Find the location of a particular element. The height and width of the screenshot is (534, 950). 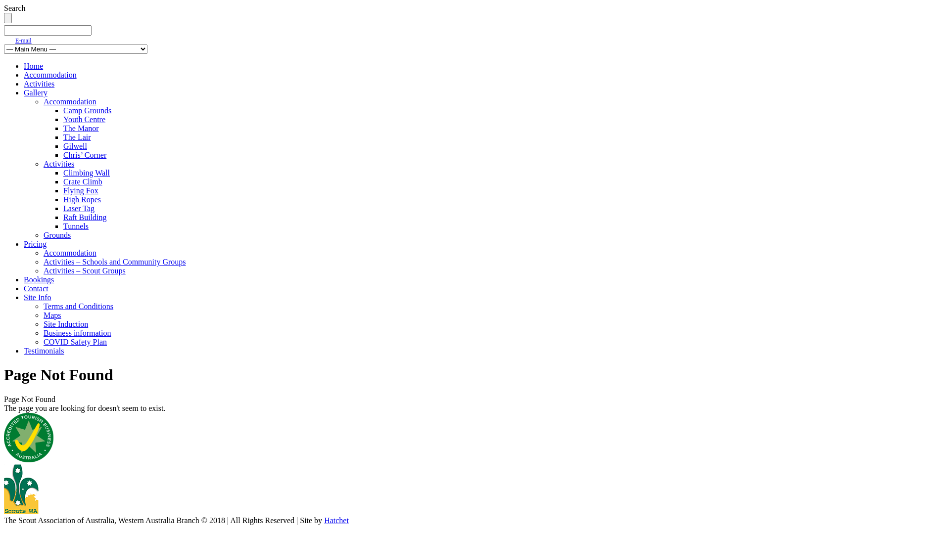

'Contact' is located at coordinates (36, 288).